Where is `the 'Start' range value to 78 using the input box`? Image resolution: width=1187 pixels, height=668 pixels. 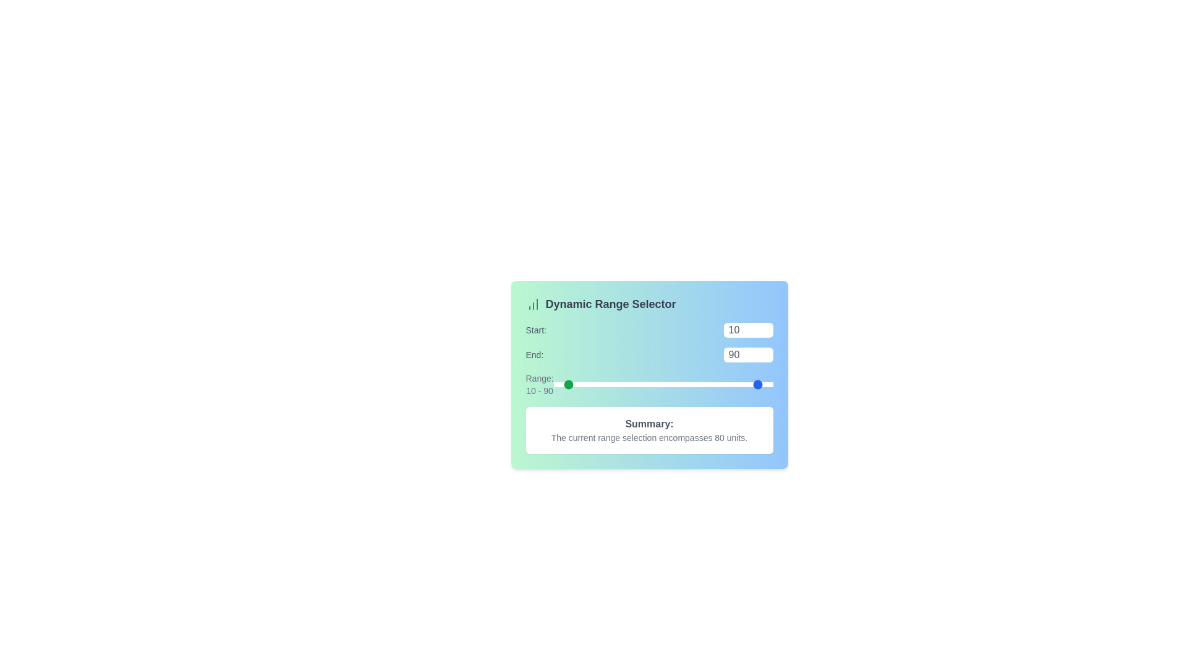
the 'Start' range value to 78 using the input box is located at coordinates (747, 329).